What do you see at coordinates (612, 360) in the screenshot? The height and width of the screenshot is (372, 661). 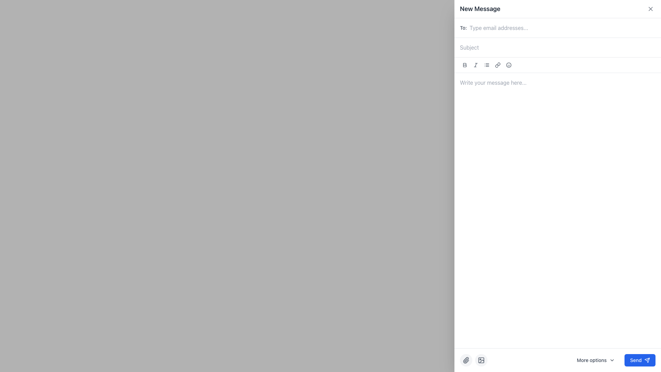 I see `the chevron icon located to the right of the 'More options' text, which indicates a dropdown menu for additional options` at bounding box center [612, 360].